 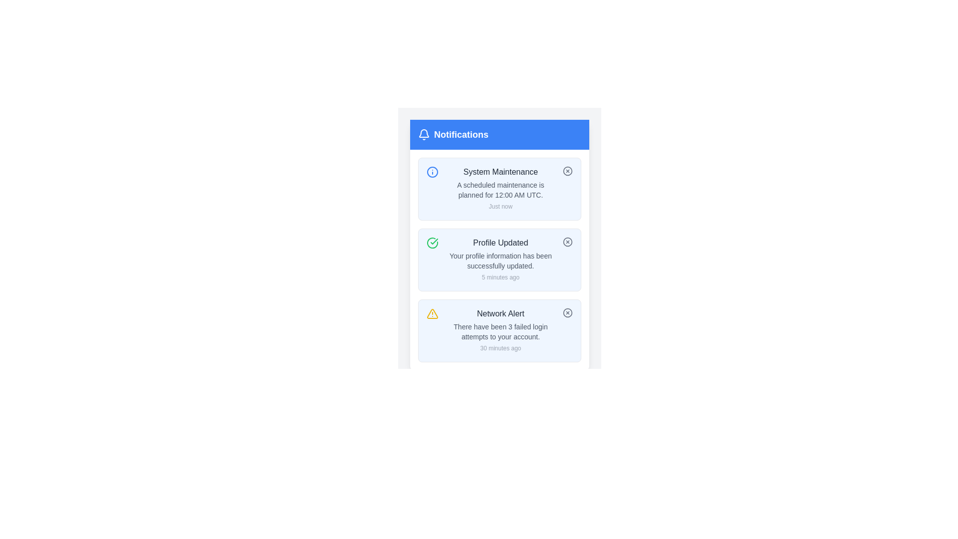 I want to click on the text label displaying 'Profile Updated' at the top of the notification card, so click(x=500, y=243).